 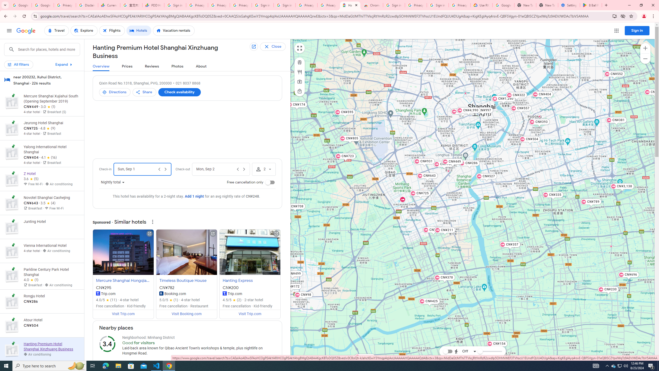 I want to click on 'Explore', so click(x=84, y=30).